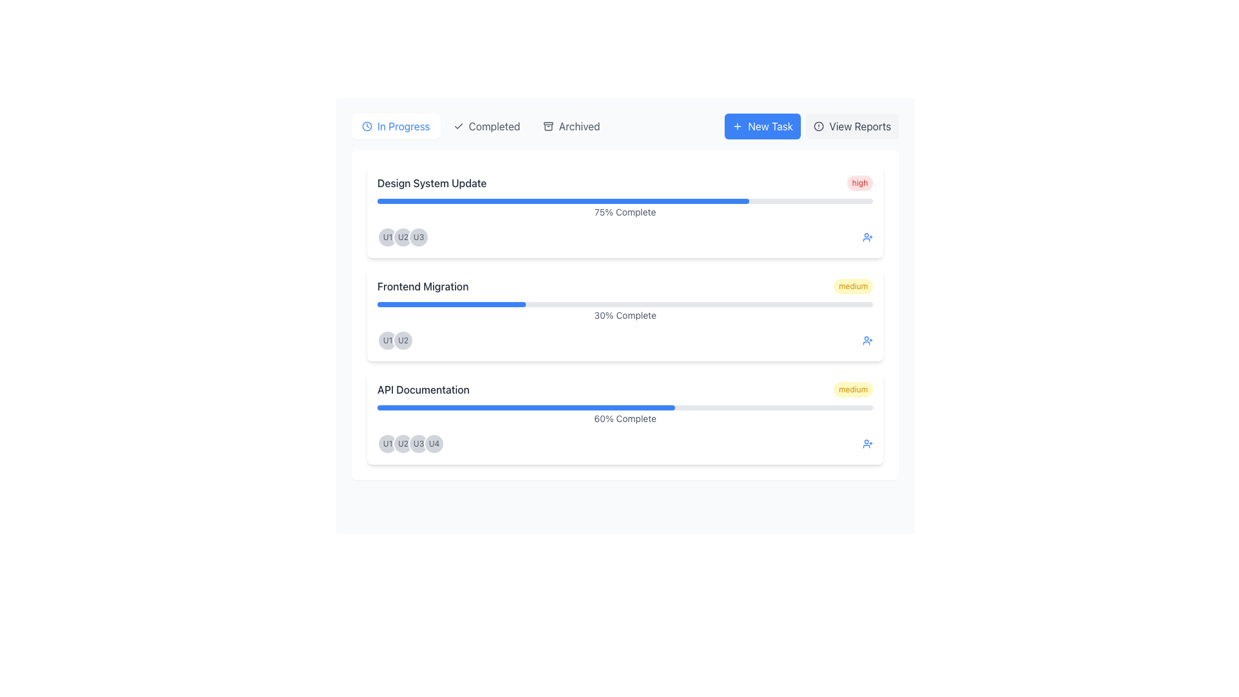 The image size is (1239, 697). What do you see at coordinates (625, 211) in the screenshot?
I see `the text label reading '75% Complete' which is positioned below the blue progress bar in the task card for 'Design System Update'` at bounding box center [625, 211].